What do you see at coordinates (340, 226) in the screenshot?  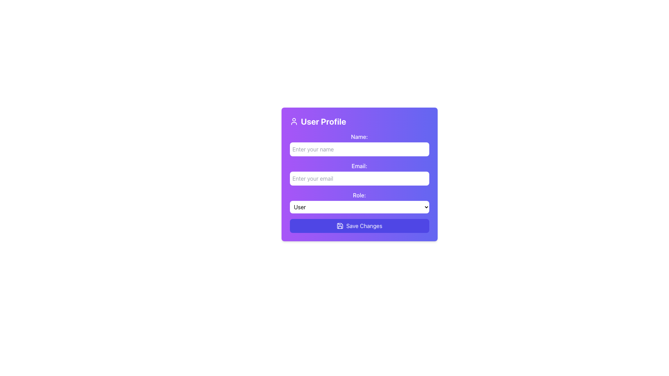 I see `the 'Save Changes' button which contains an icon to the left of the label text, located at the bottom of the card interface` at bounding box center [340, 226].